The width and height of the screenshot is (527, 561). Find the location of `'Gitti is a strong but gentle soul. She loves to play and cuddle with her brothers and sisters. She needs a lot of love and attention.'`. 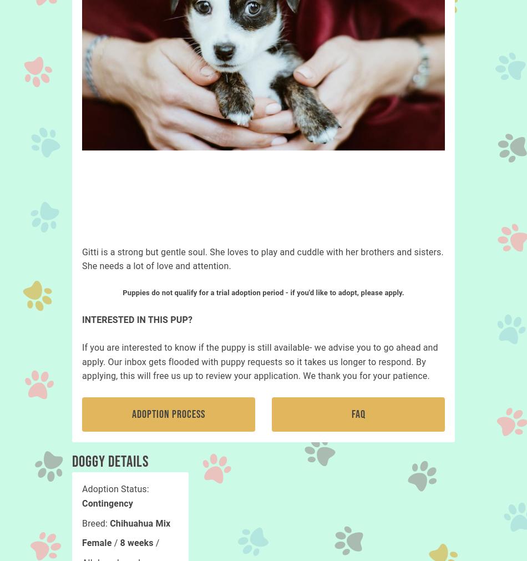

'Gitti is a strong but gentle soul. She loves to play and cuddle with her brothers and sisters. She needs a lot of love and attention.' is located at coordinates (82, 258).